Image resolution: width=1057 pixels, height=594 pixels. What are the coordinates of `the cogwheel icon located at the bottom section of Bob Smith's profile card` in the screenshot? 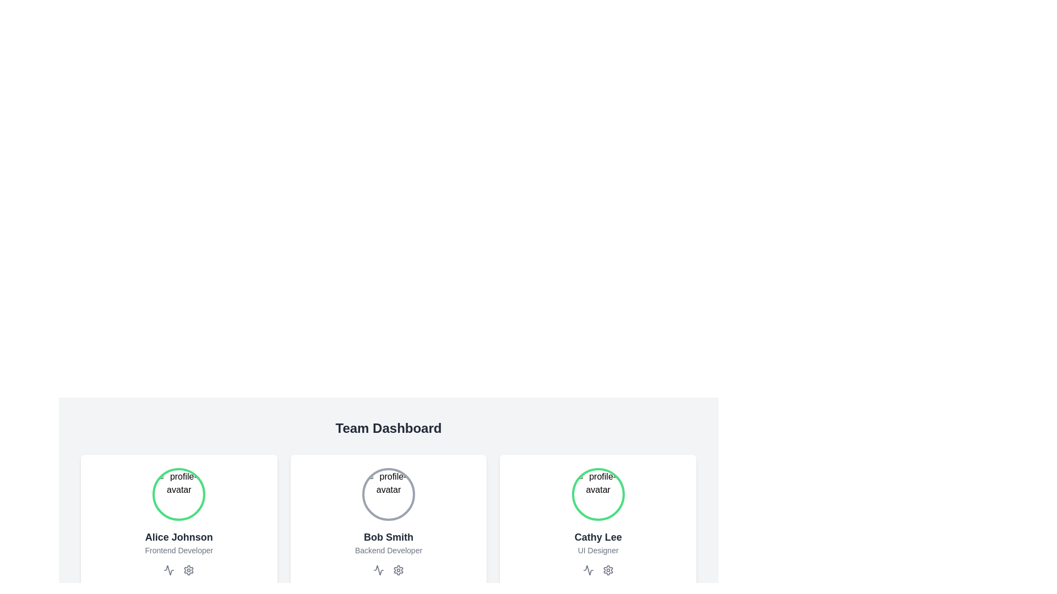 It's located at (398, 570).